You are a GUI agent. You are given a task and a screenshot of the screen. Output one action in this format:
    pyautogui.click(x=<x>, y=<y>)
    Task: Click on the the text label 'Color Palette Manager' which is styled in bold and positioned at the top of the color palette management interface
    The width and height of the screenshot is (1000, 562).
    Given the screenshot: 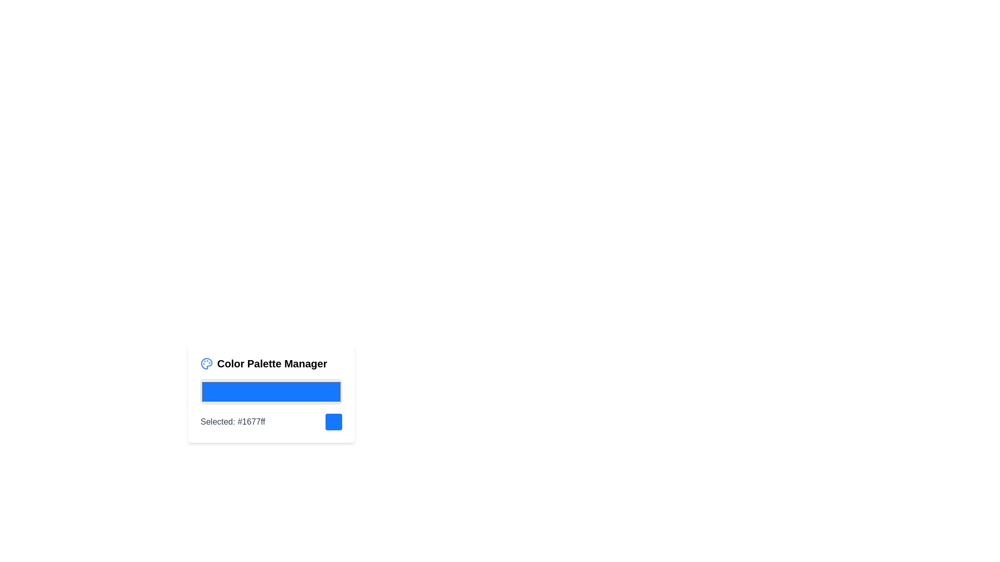 What is the action you would take?
    pyautogui.click(x=272, y=363)
    